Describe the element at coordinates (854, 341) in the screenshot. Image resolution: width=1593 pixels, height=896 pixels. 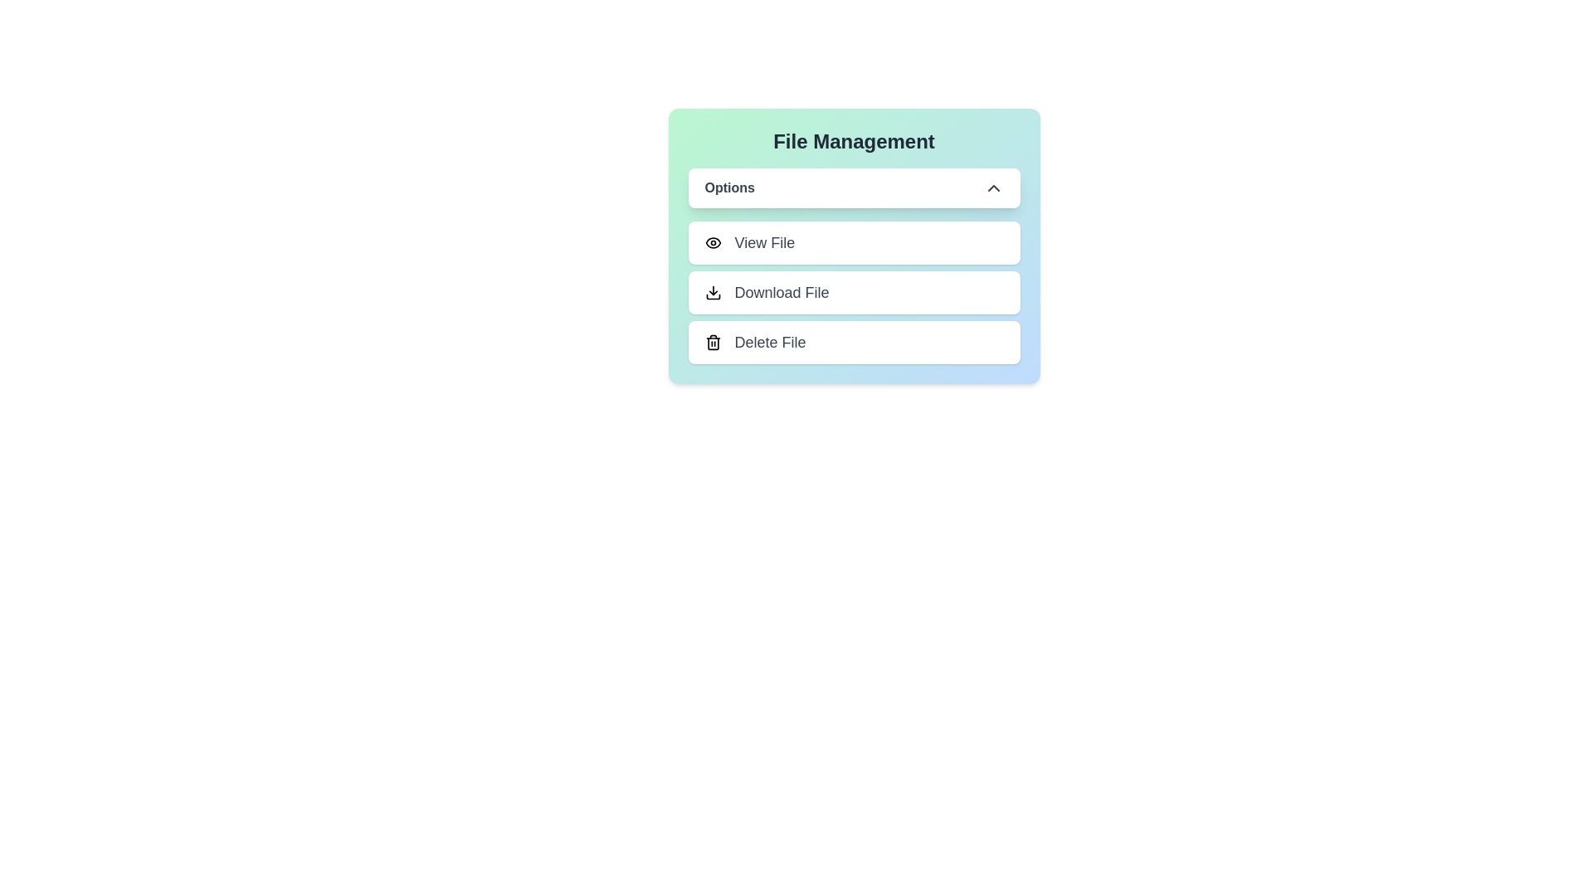
I see `the menu option Delete File by clicking on it` at that location.